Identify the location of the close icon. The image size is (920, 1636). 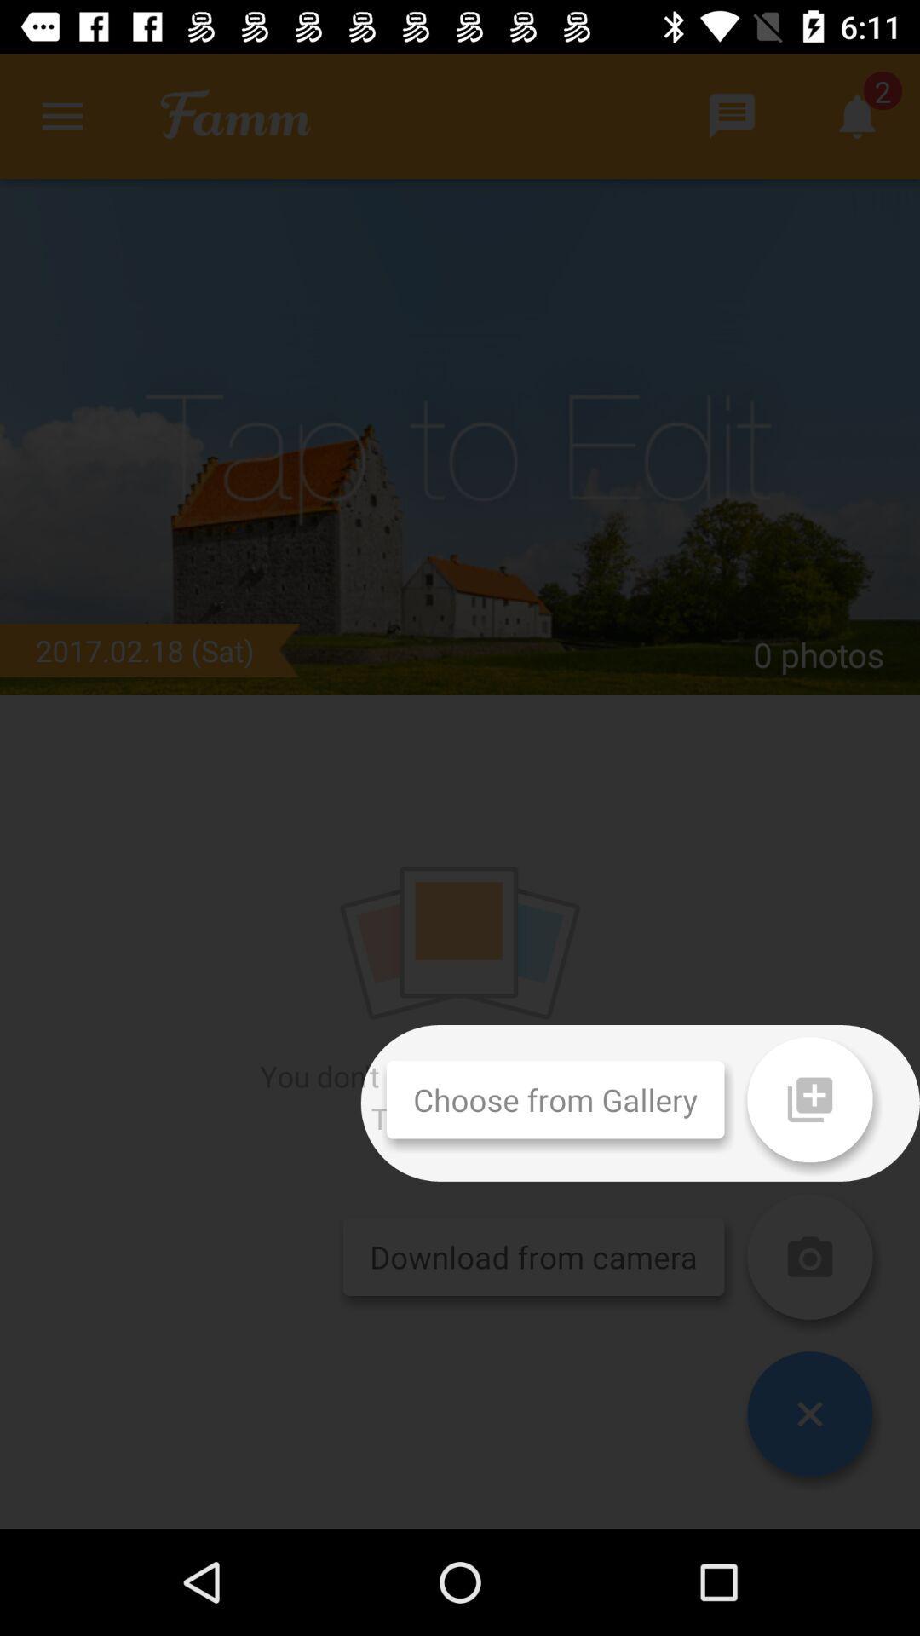
(809, 1414).